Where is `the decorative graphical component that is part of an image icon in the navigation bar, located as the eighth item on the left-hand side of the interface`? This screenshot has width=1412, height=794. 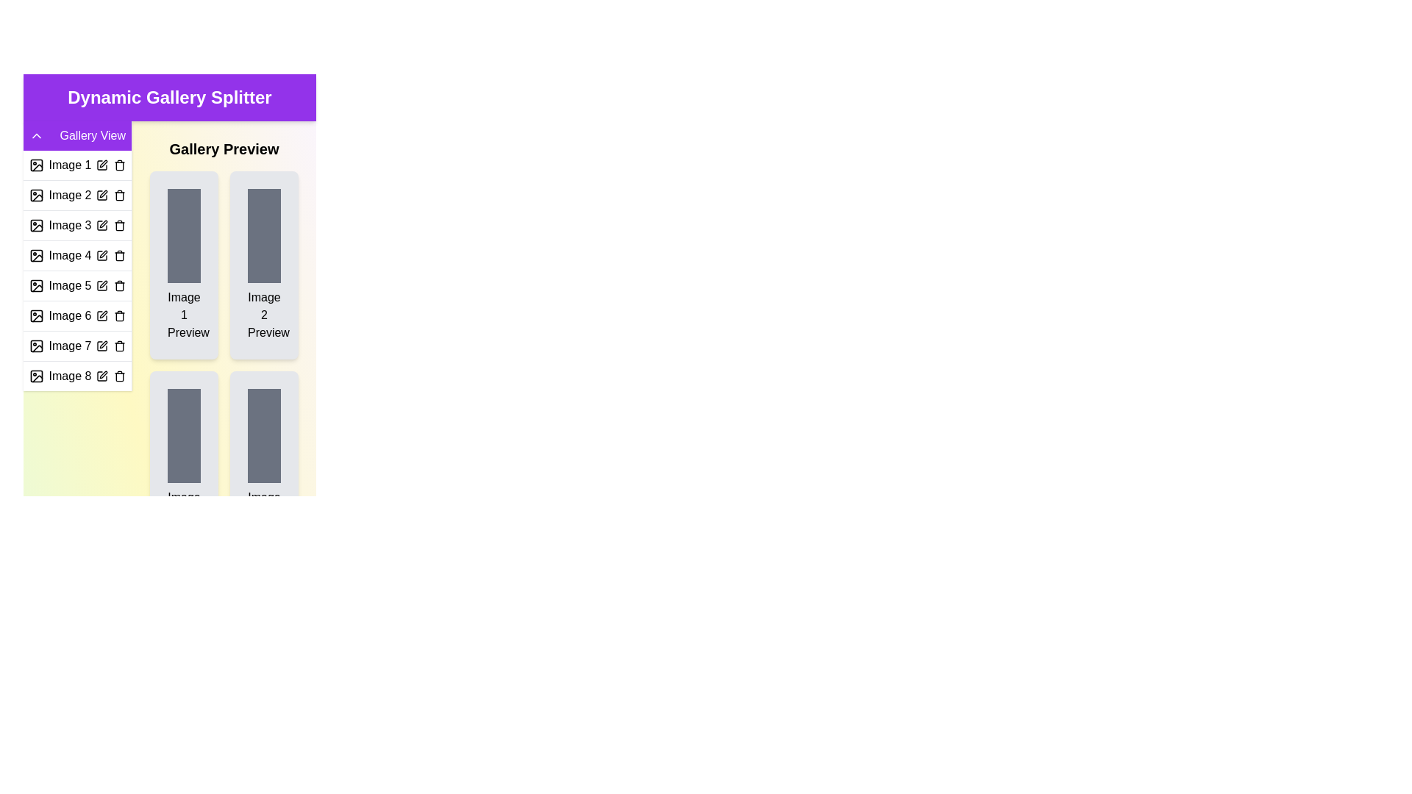
the decorative graphical component that is part of an image icon in the navigation bar, located as the eighth item on the left-hand side of the interface is located at coordinates (36, 376).